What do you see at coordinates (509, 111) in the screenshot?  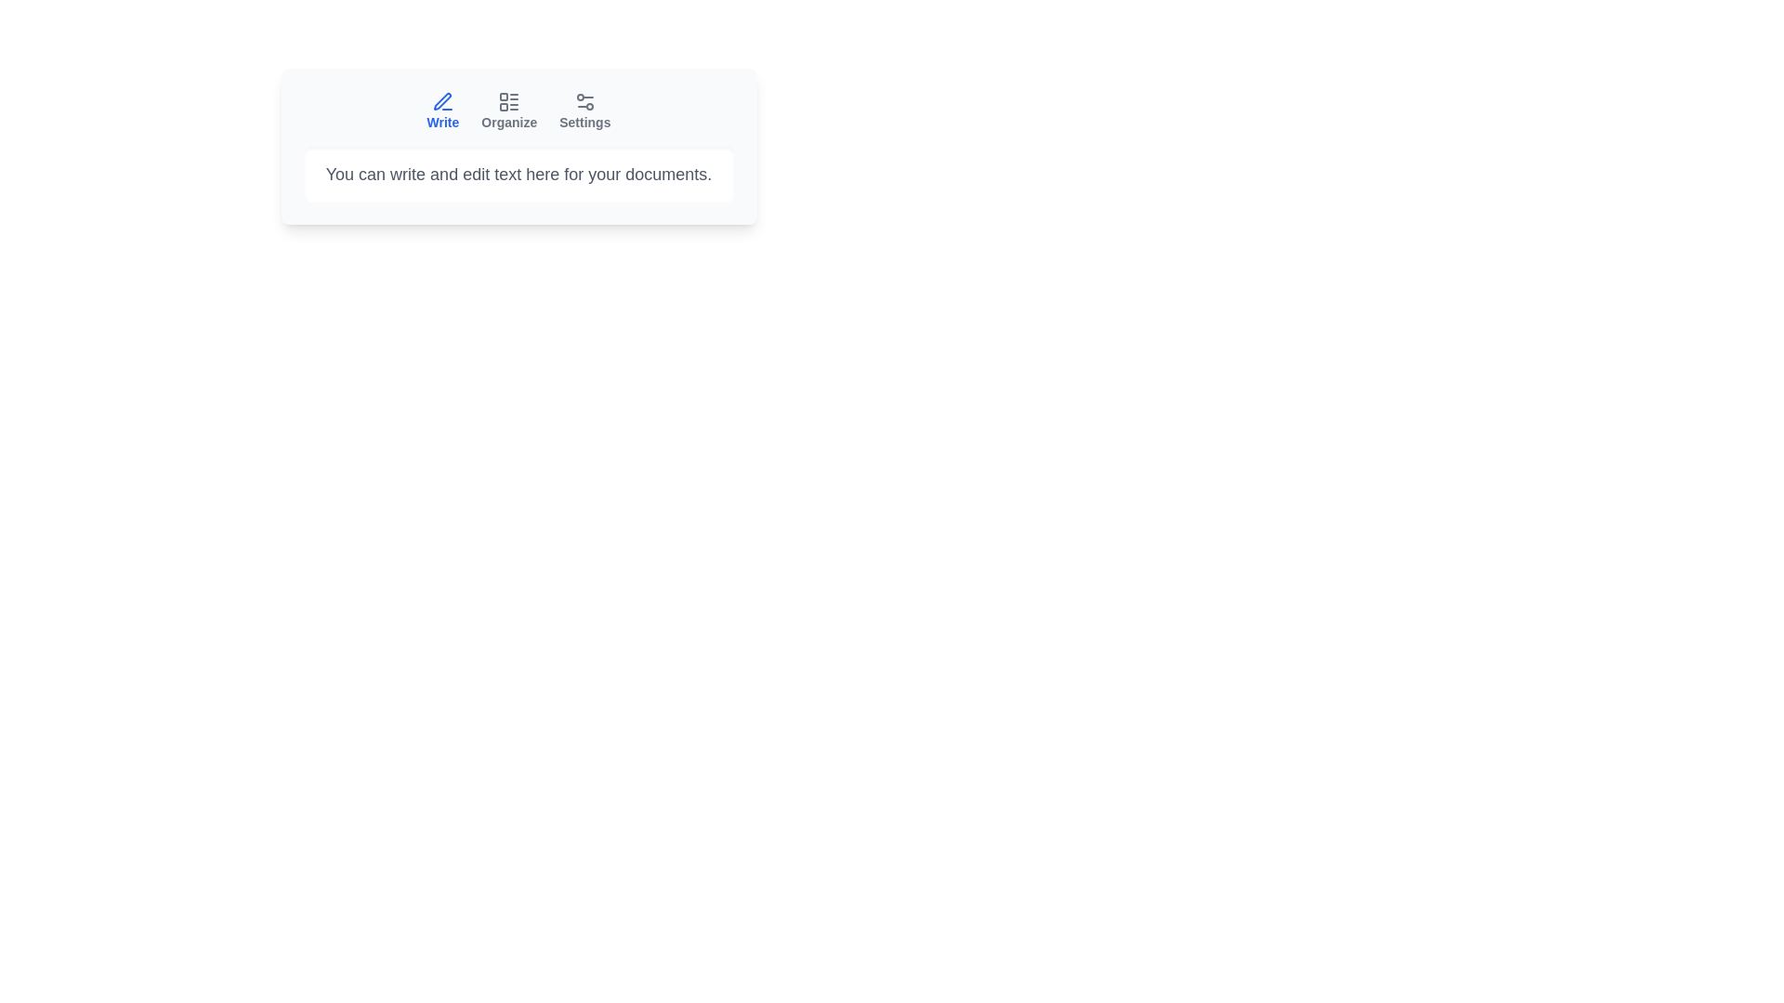 I see `the tab button labeled Organize` at bounding box center [509, 111].